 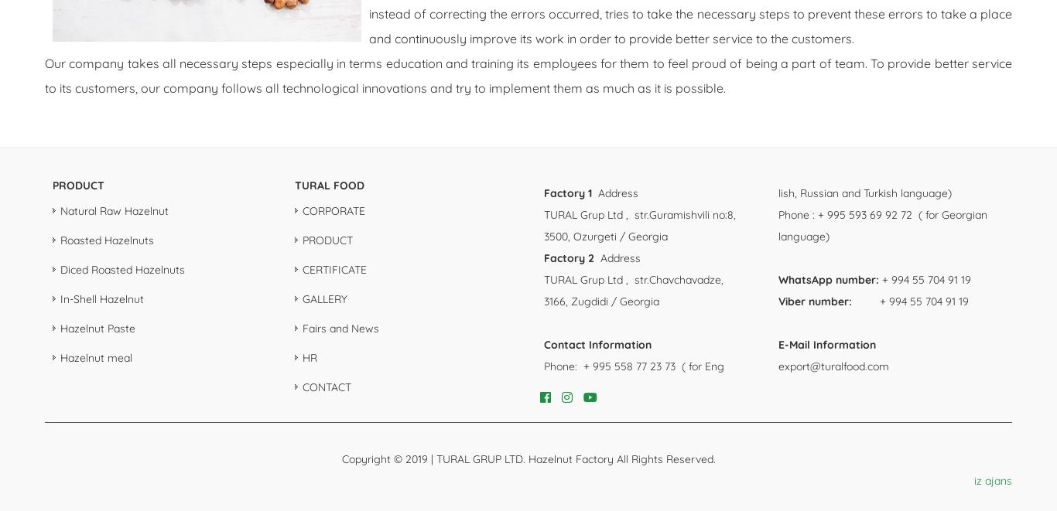 What do you see at coordinates (543, 344) in the screenshot?
I see `'Contact Information'` at bounding box center [543, 344].